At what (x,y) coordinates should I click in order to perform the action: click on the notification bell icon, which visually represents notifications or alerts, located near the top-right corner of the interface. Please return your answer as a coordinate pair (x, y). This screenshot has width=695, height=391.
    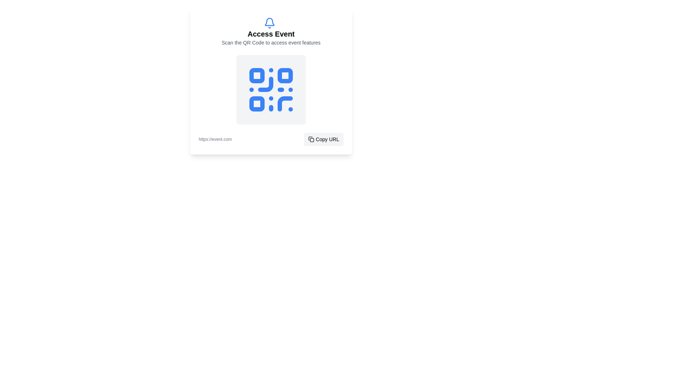
    Looking at the image, I should click on (269, 21).